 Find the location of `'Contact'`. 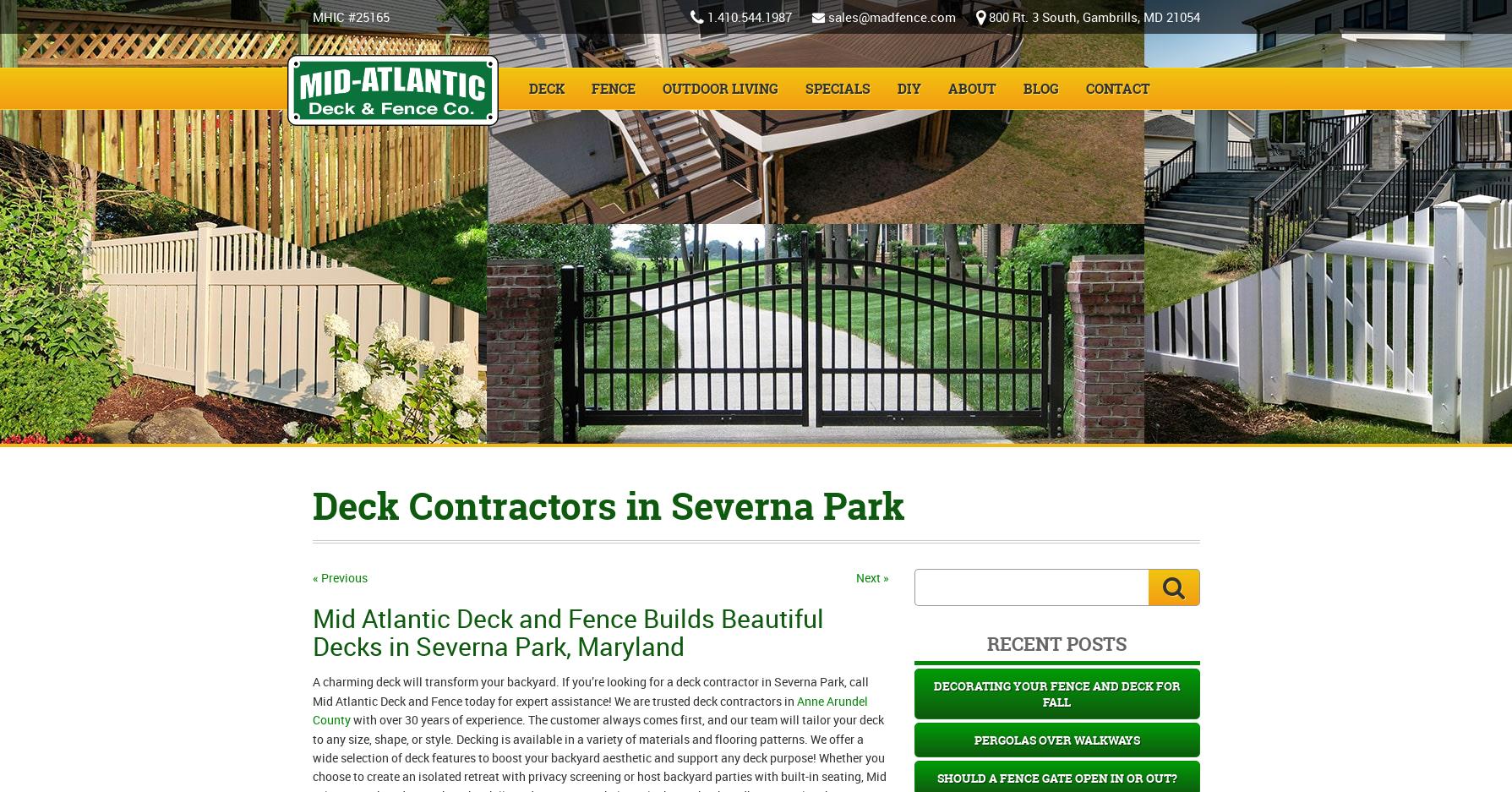

'Contact' is located at coordinates (1117, 88).